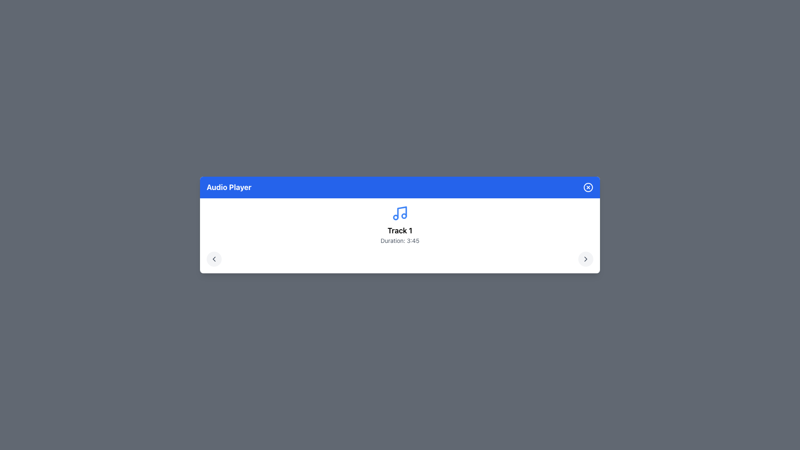 Image resolution: width=800 pixels, height=450 pixels. Describe the element at coordinates (400, 225) in the screenshot. I see `the icon in the Text block displaying information about the track, which includes its title and duration, located in the 'Audio Player' section` at that location.